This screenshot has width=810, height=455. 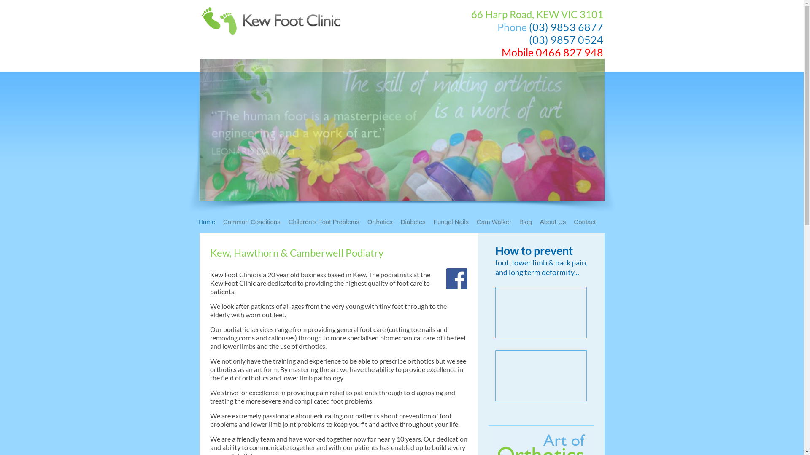 What do you see at coordinates (566, 39) in the screenshot?
I see `'(03) 9857 0524'` at bounding box center [566, 39].